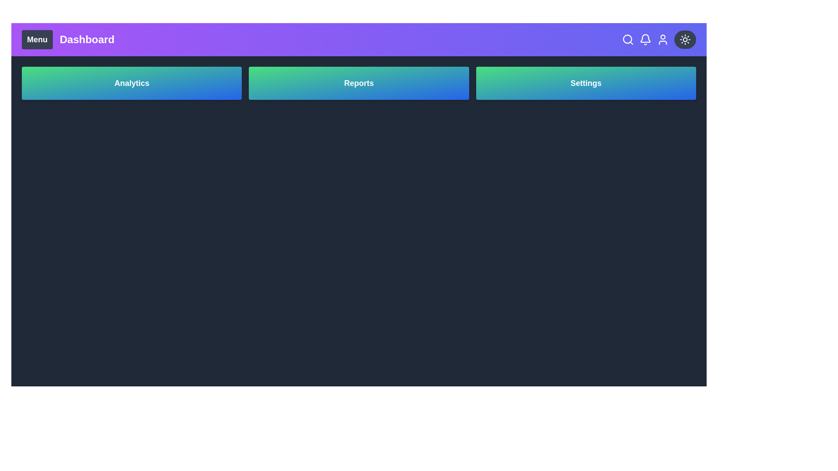 The image size is (838, 471). I want to click on the 'Analytics' card to navigate to the Analytics section, so click(131, 83).